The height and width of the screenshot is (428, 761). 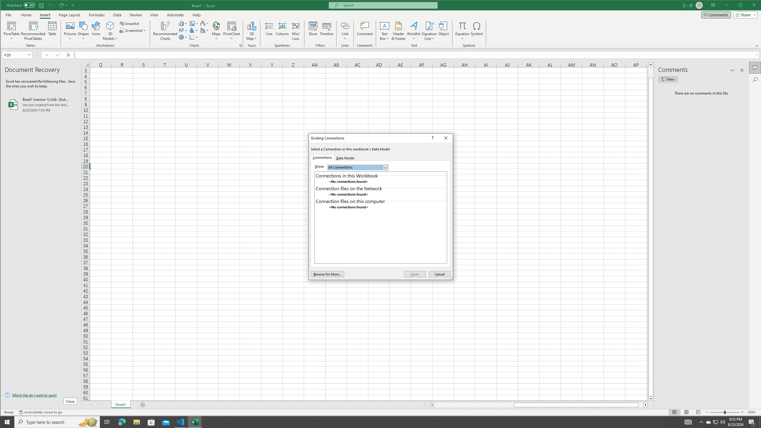 What do you see at coordinates (380, 201) in the screenshot?
I see `'Connection files on this computer'` at bounding box center [380, 201].